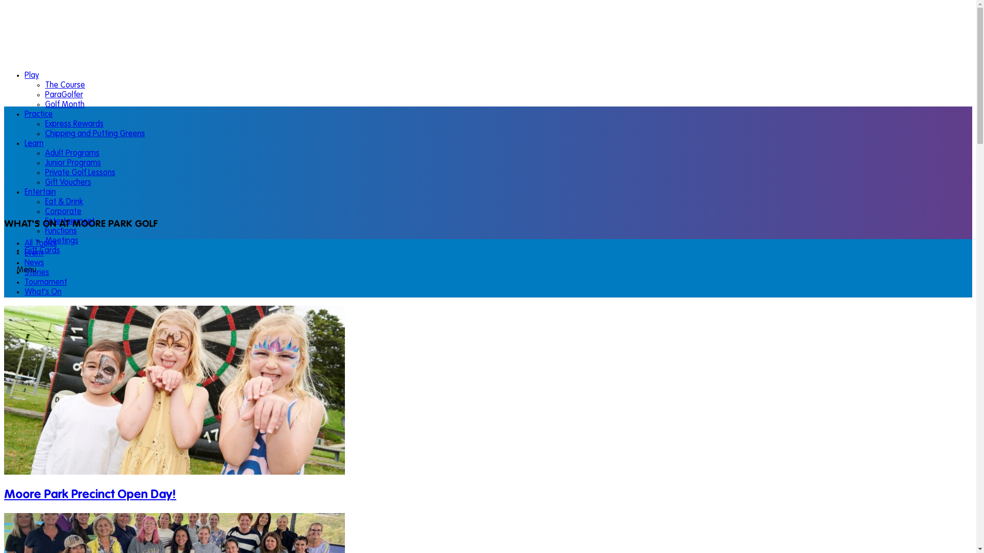 This screenshot has height=553, width=984. I want to click on 'News', so click(25, 262).